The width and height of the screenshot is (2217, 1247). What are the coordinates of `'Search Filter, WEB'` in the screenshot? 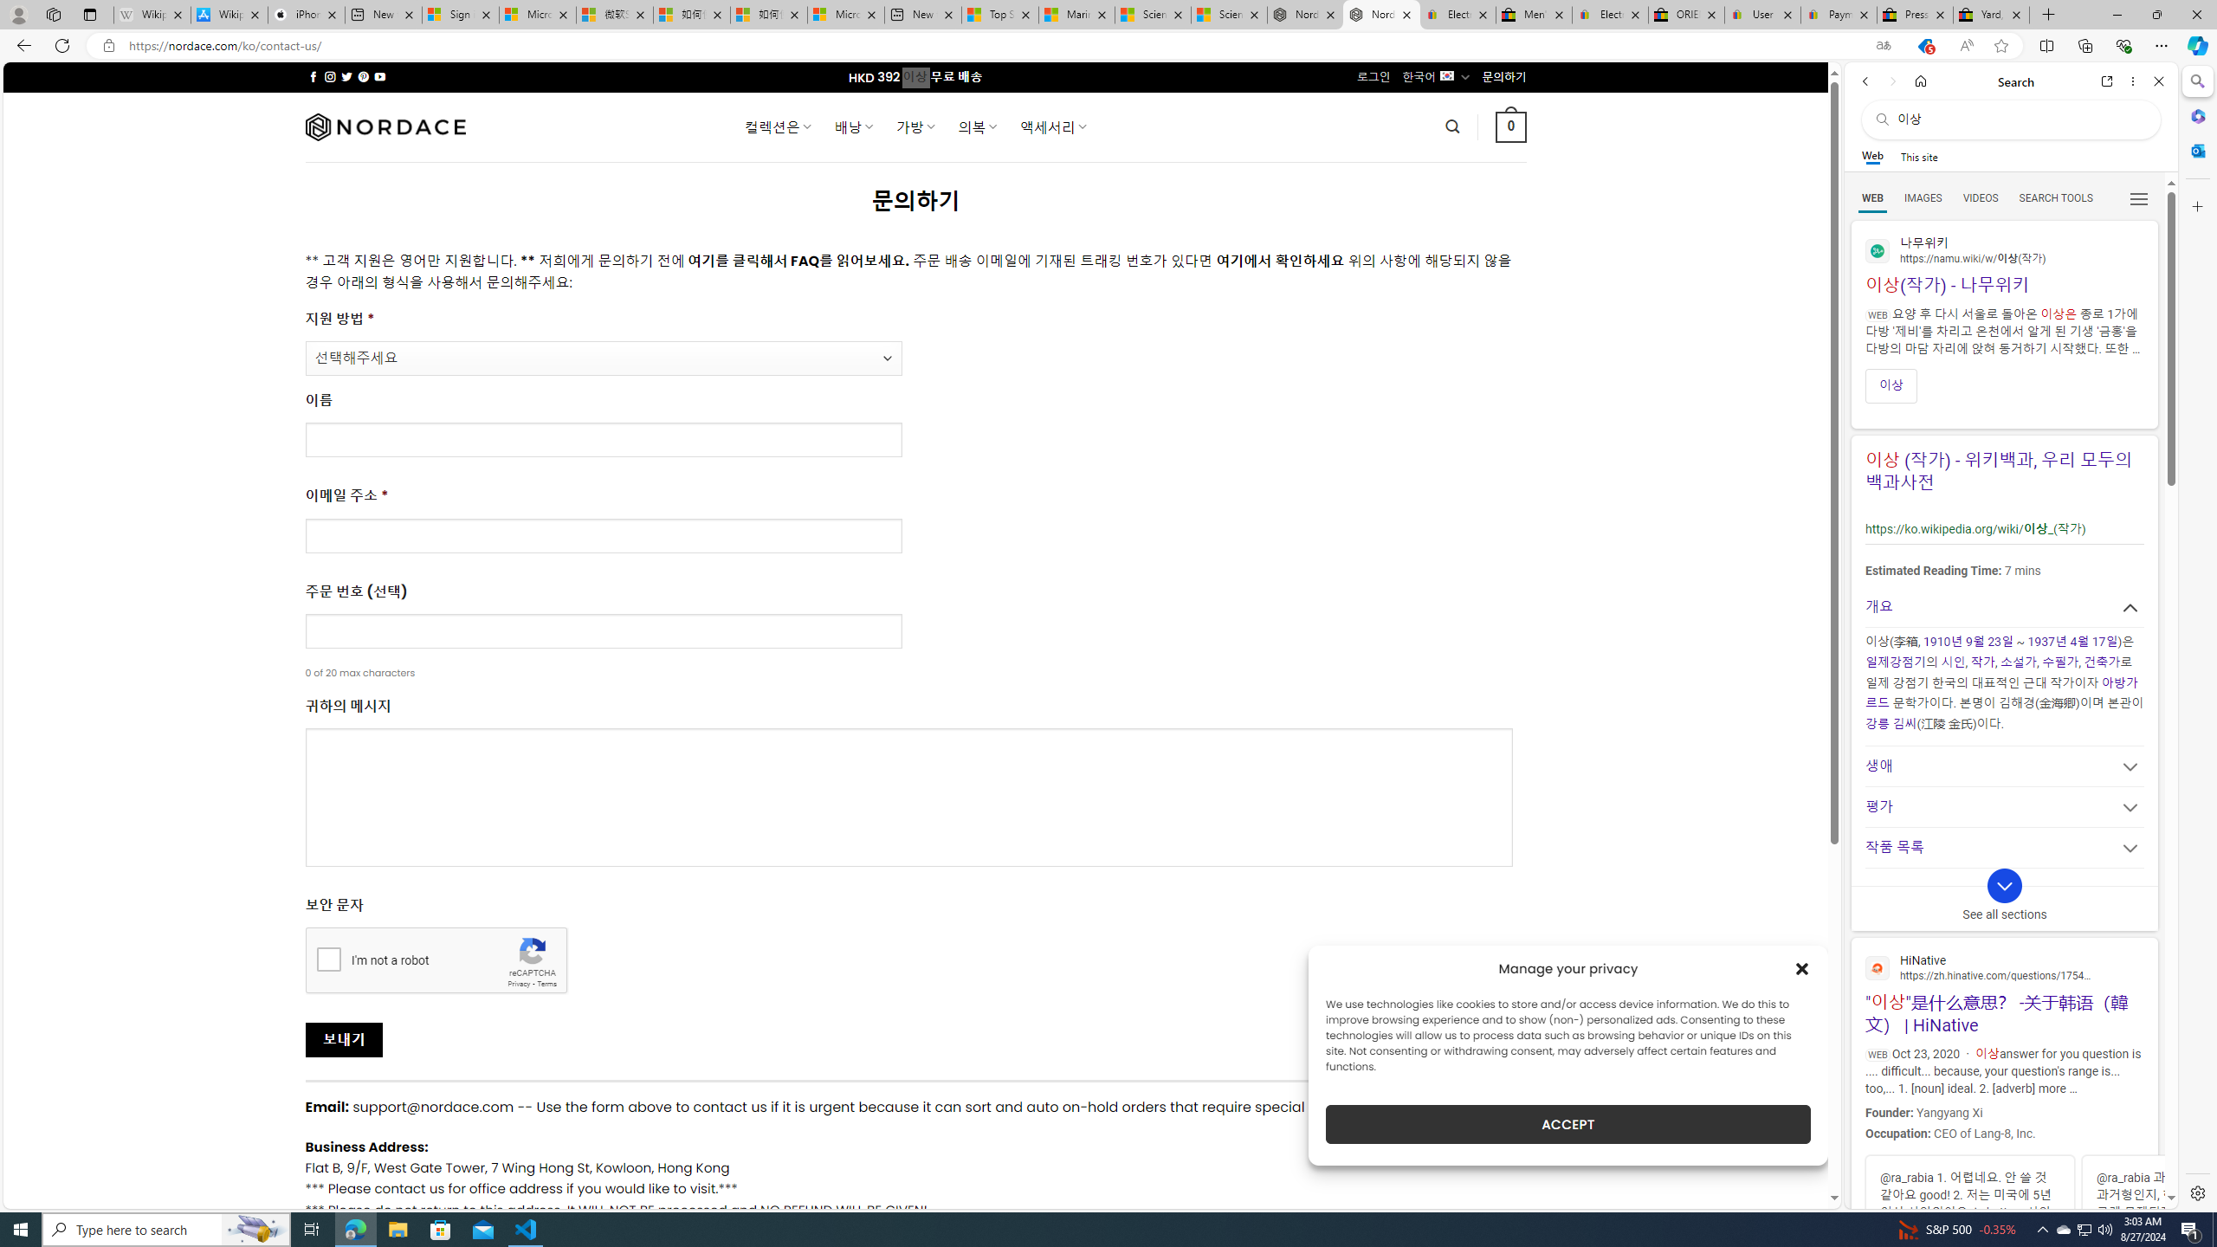 It's located at (1872, 197).